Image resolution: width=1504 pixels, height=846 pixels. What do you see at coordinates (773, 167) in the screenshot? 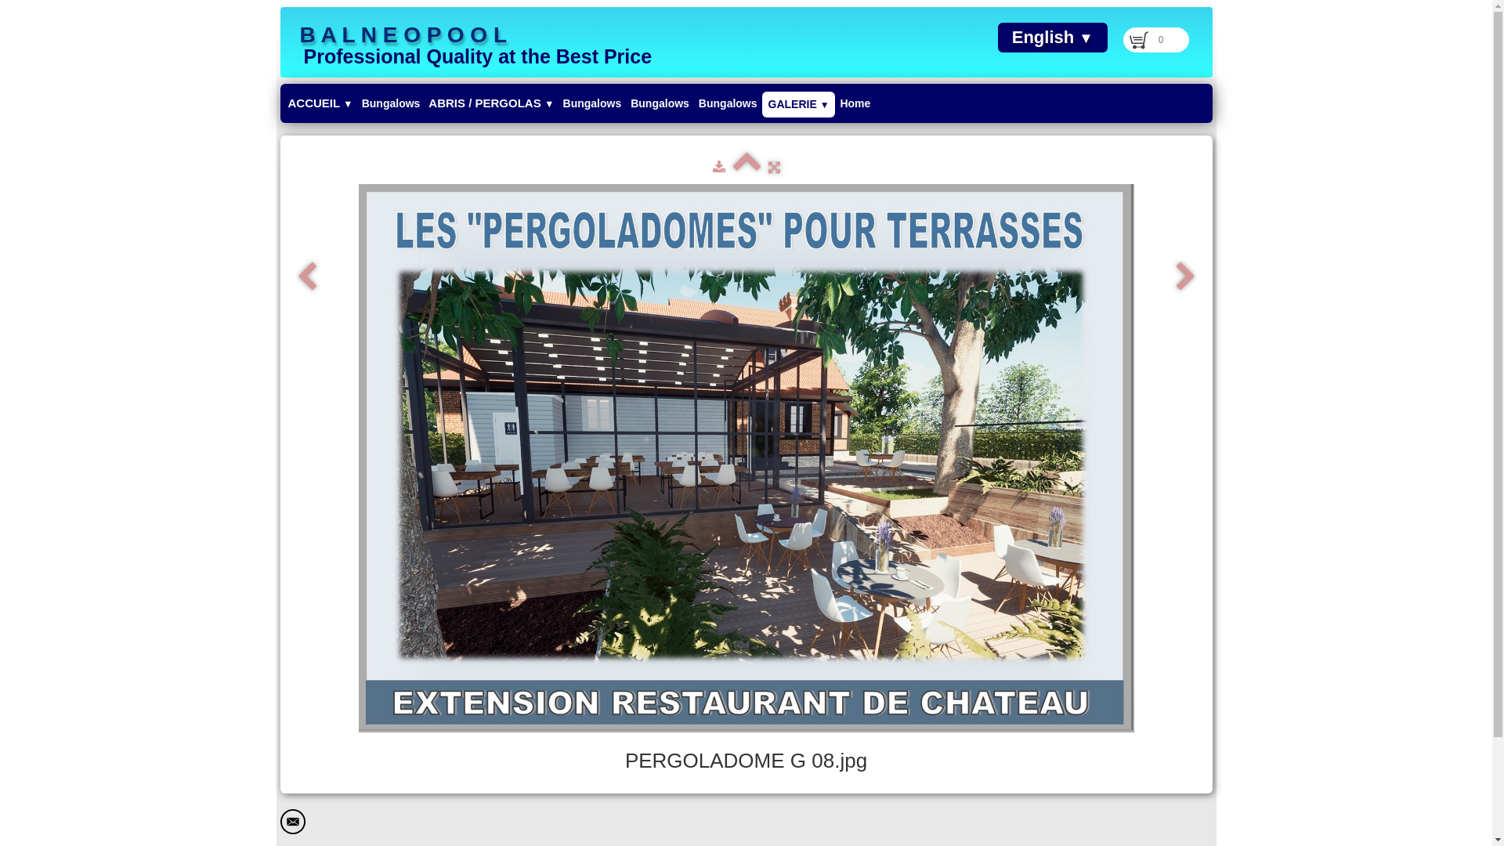
I see `'Fullscreen'` at bounding box center [773, 167].